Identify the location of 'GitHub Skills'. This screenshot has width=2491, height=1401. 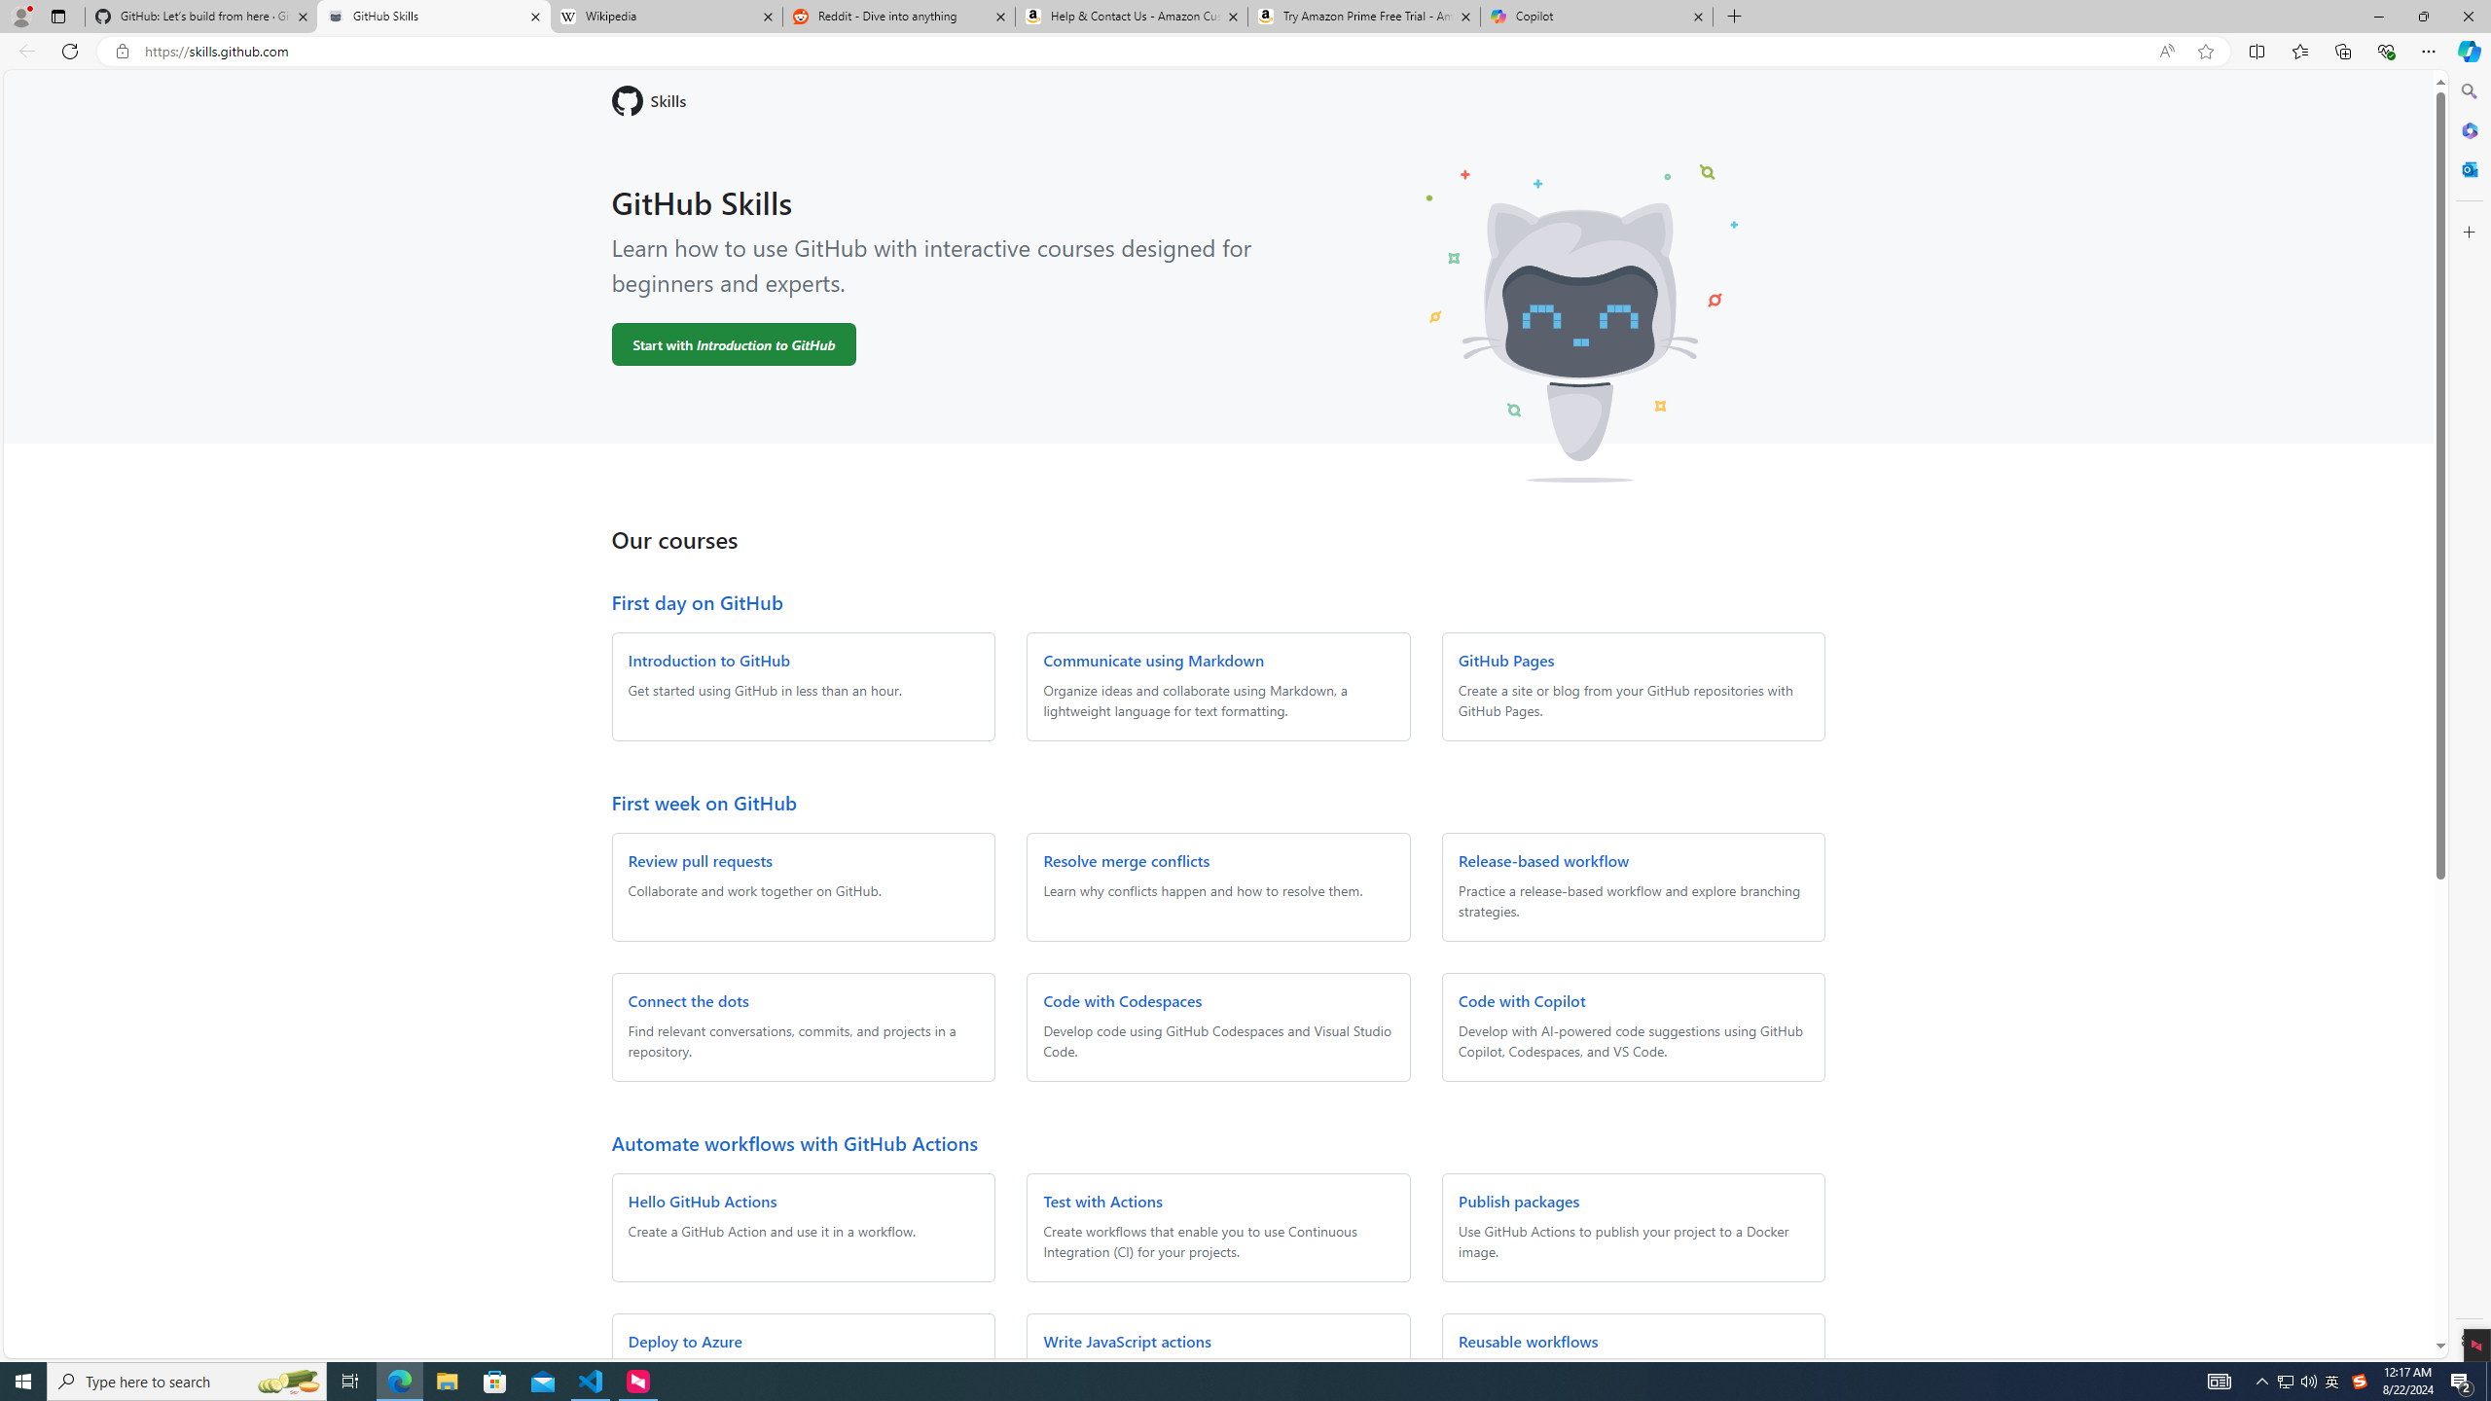
(432, 16).